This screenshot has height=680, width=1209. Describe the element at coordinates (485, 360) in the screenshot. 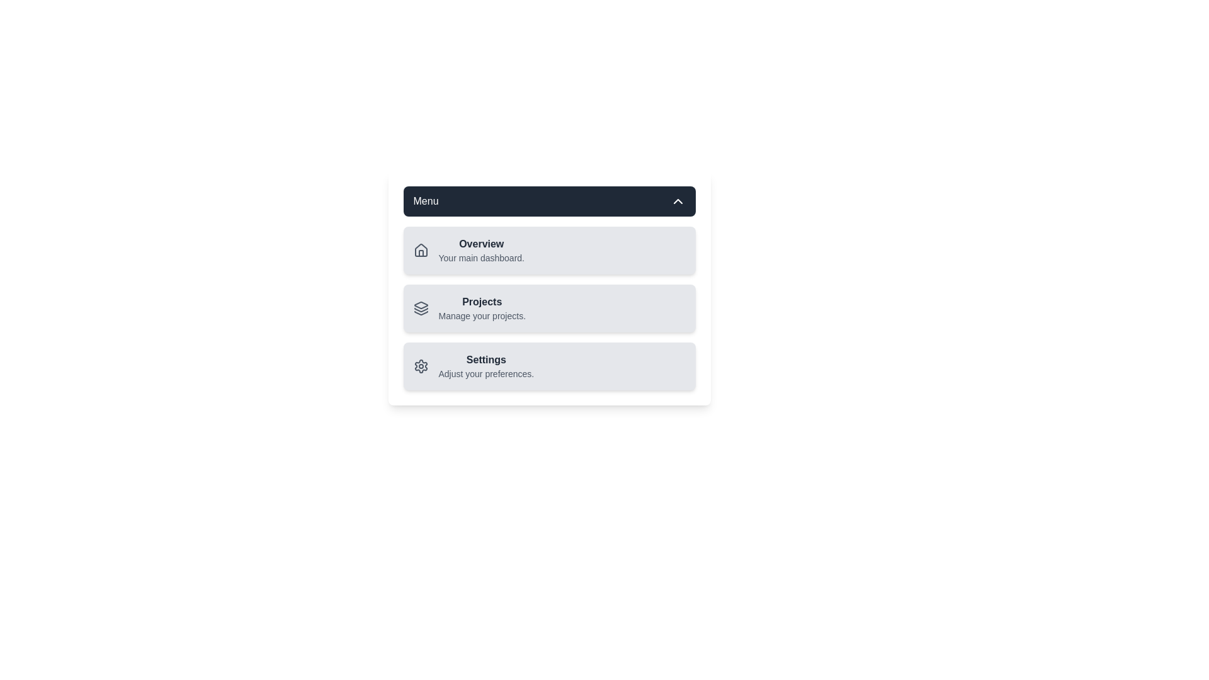

I see `the text of the menu item Settings to select it` at that location.